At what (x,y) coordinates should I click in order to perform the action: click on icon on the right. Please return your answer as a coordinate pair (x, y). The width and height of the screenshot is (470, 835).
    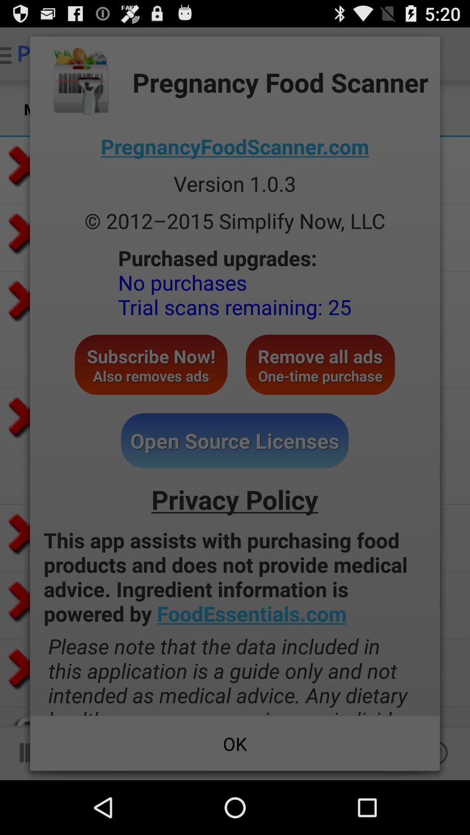
    Looking at the image, I should click on (320, 364).